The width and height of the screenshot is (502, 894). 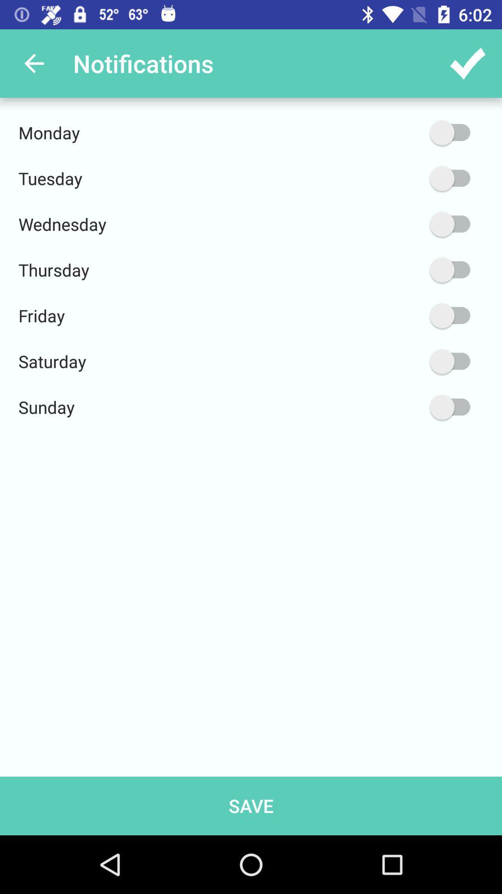 What do you see at coordinates (405, 316) in the screenshot?
I see `icon next to friday` at bounding box center [405, 316].